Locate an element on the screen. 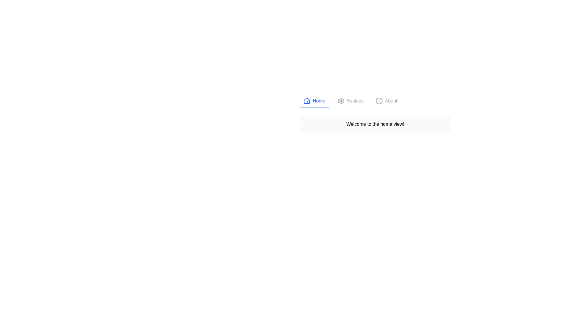  the About tab by clicking on it is located at coordinates (386, 101).